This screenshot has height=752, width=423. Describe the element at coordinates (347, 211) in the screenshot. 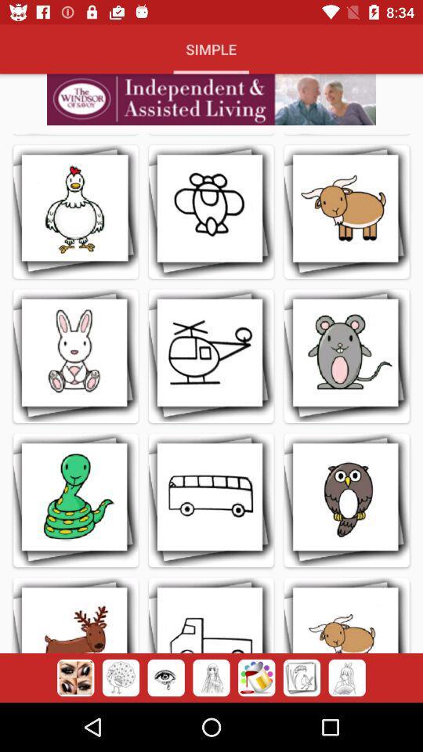

I see `the last image in the first row` at that location.